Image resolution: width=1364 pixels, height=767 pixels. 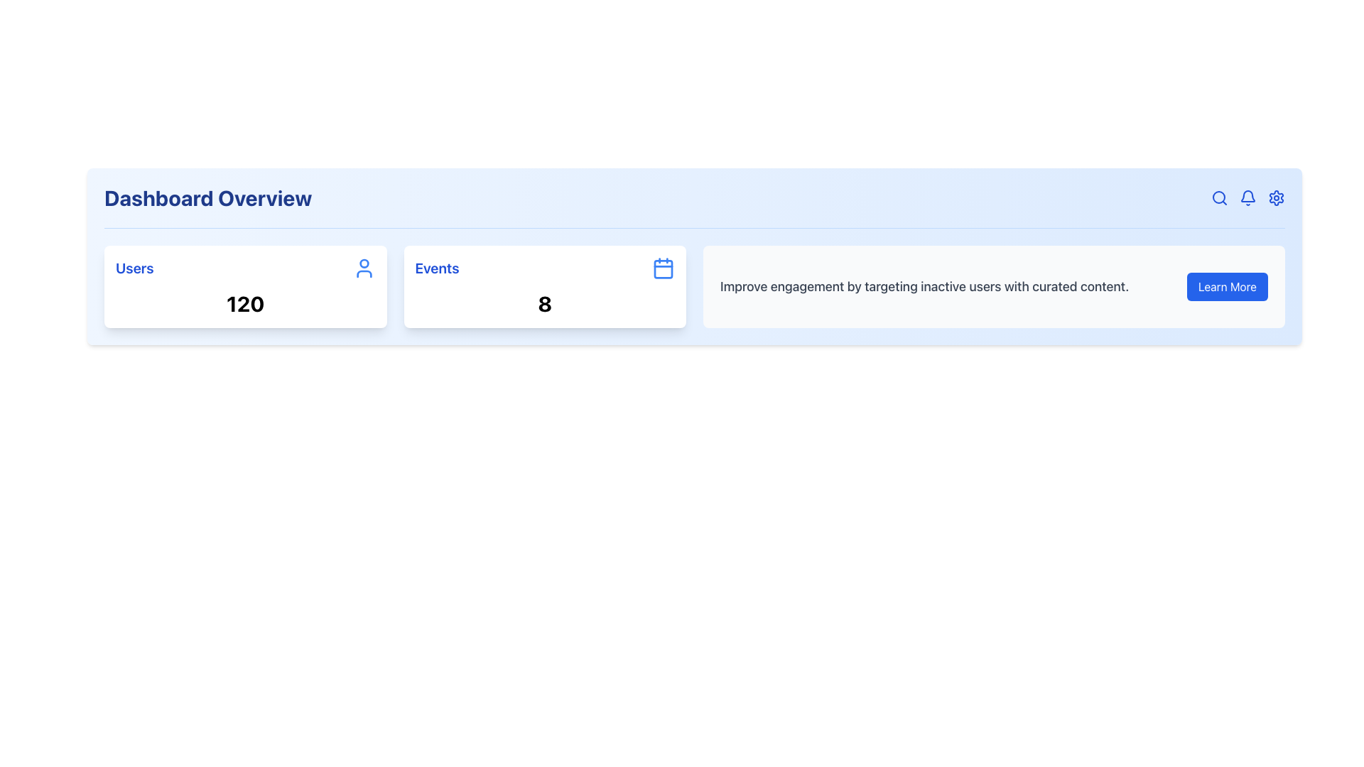 I want to click on the blue-colored user icon styled in a circular outline, located adjacent to the 'Users' label, so click(x=364, y=268).